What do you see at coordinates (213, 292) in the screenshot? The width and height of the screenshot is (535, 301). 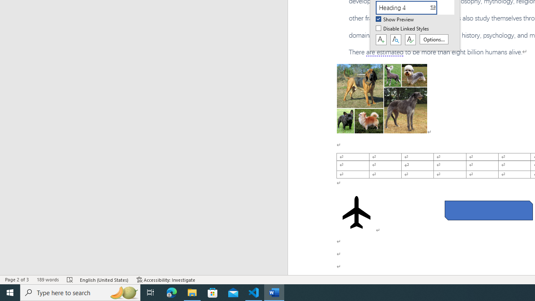 I see `'Microsoft Store'` at bounding box center [213, 292].